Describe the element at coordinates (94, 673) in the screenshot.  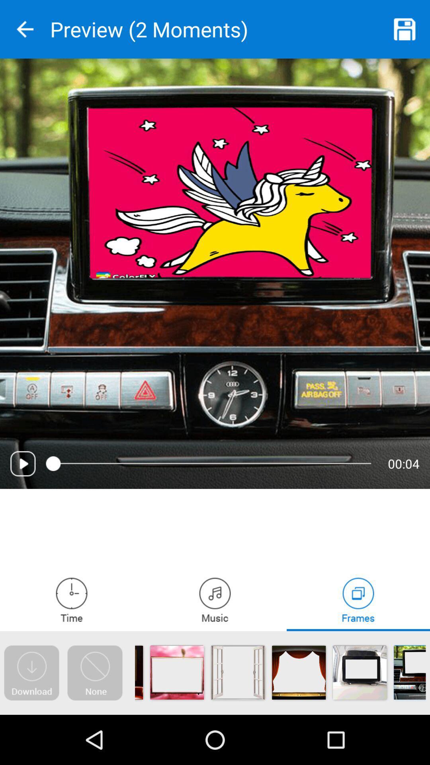
I see `choose none` at that location.